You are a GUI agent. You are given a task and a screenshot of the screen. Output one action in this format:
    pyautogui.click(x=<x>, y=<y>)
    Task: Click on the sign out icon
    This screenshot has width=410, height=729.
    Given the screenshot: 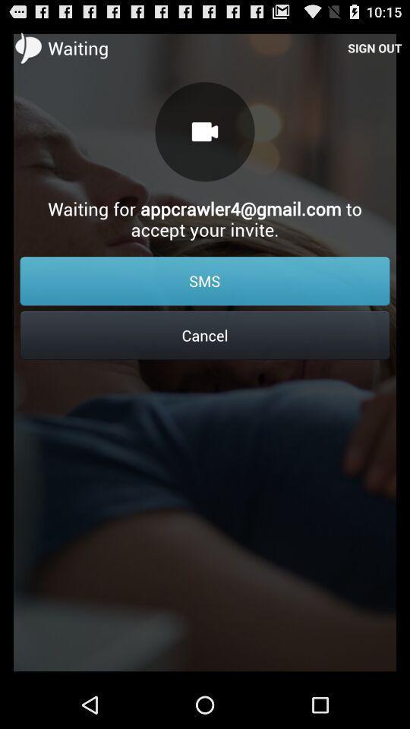 What is the action you would take?
    pyautogui.click(x=374, y=47)
    